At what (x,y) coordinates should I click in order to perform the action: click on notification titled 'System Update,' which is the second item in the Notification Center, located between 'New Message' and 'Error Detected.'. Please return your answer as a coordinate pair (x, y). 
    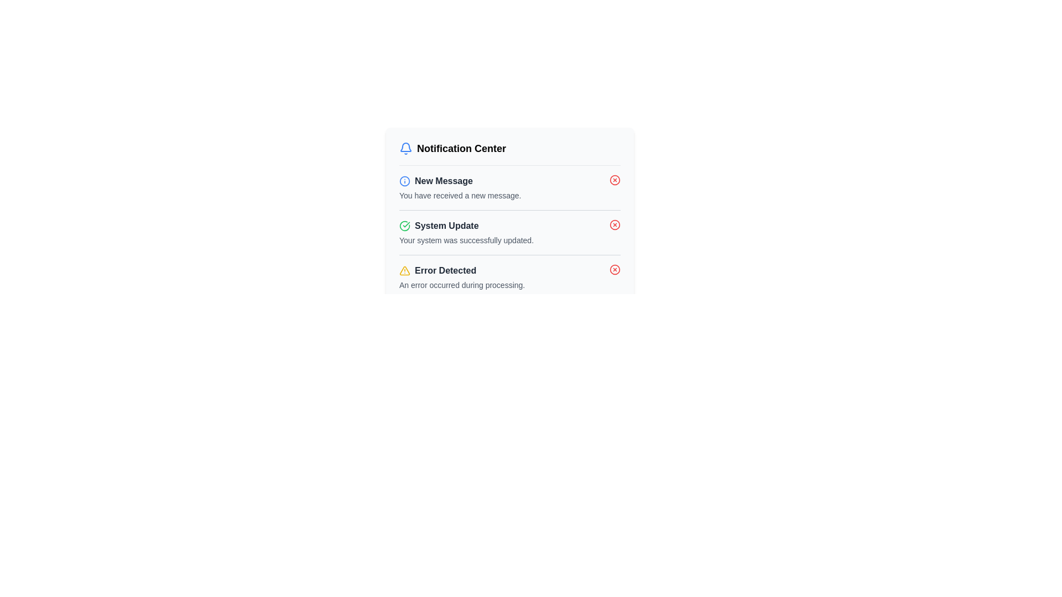
    Looking at the image, I should click on (509, 232).